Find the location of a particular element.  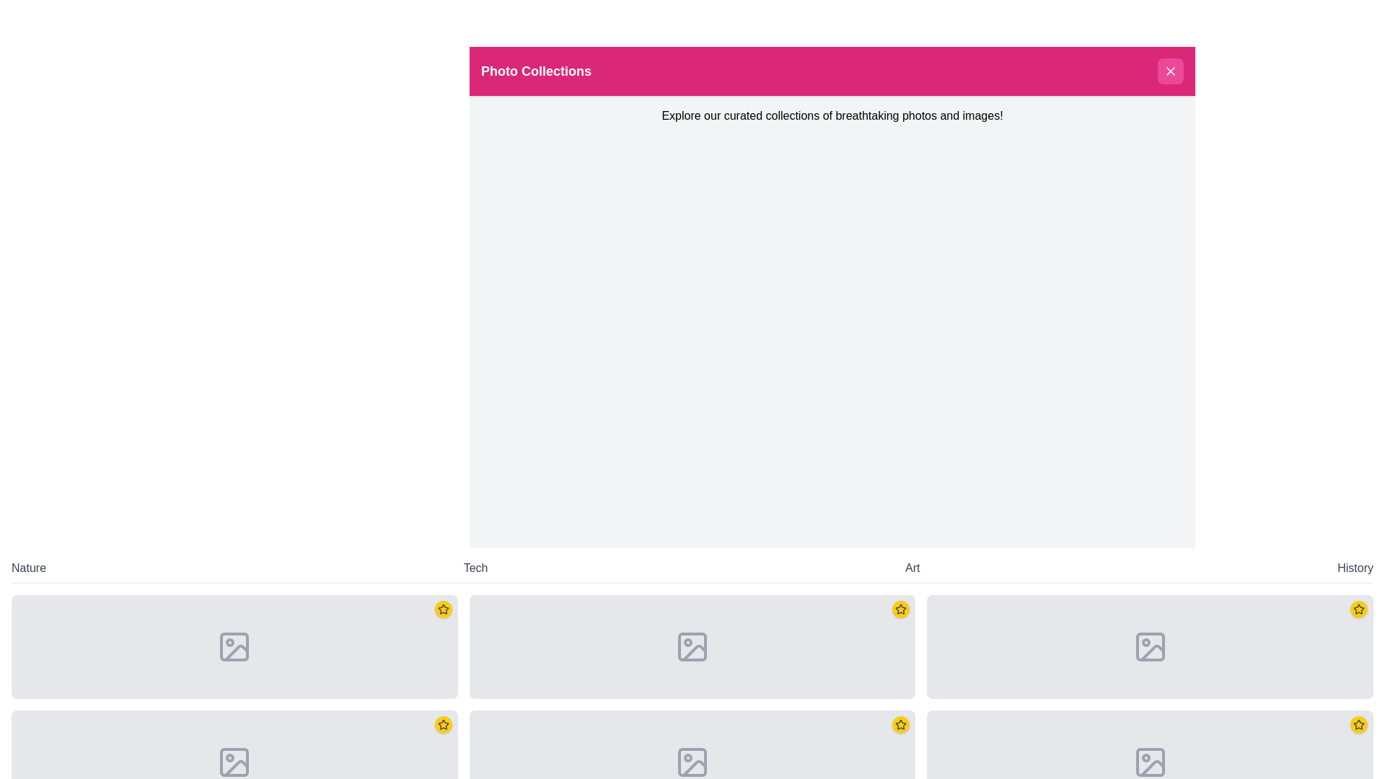

the circular yellow button with a star icon in the top-right corner of the third card in the second row of the grid to mark or unmark as favorite is located at coordinates (900, 725).